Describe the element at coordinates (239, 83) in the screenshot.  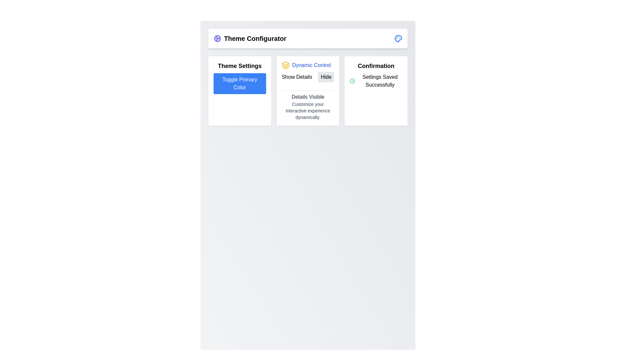
I see `the 'Toggle Primary Color' button, which is a rectangular button with rounded corners, solid blue color, and white text, located within the 'Theme Settings' card` at that location.